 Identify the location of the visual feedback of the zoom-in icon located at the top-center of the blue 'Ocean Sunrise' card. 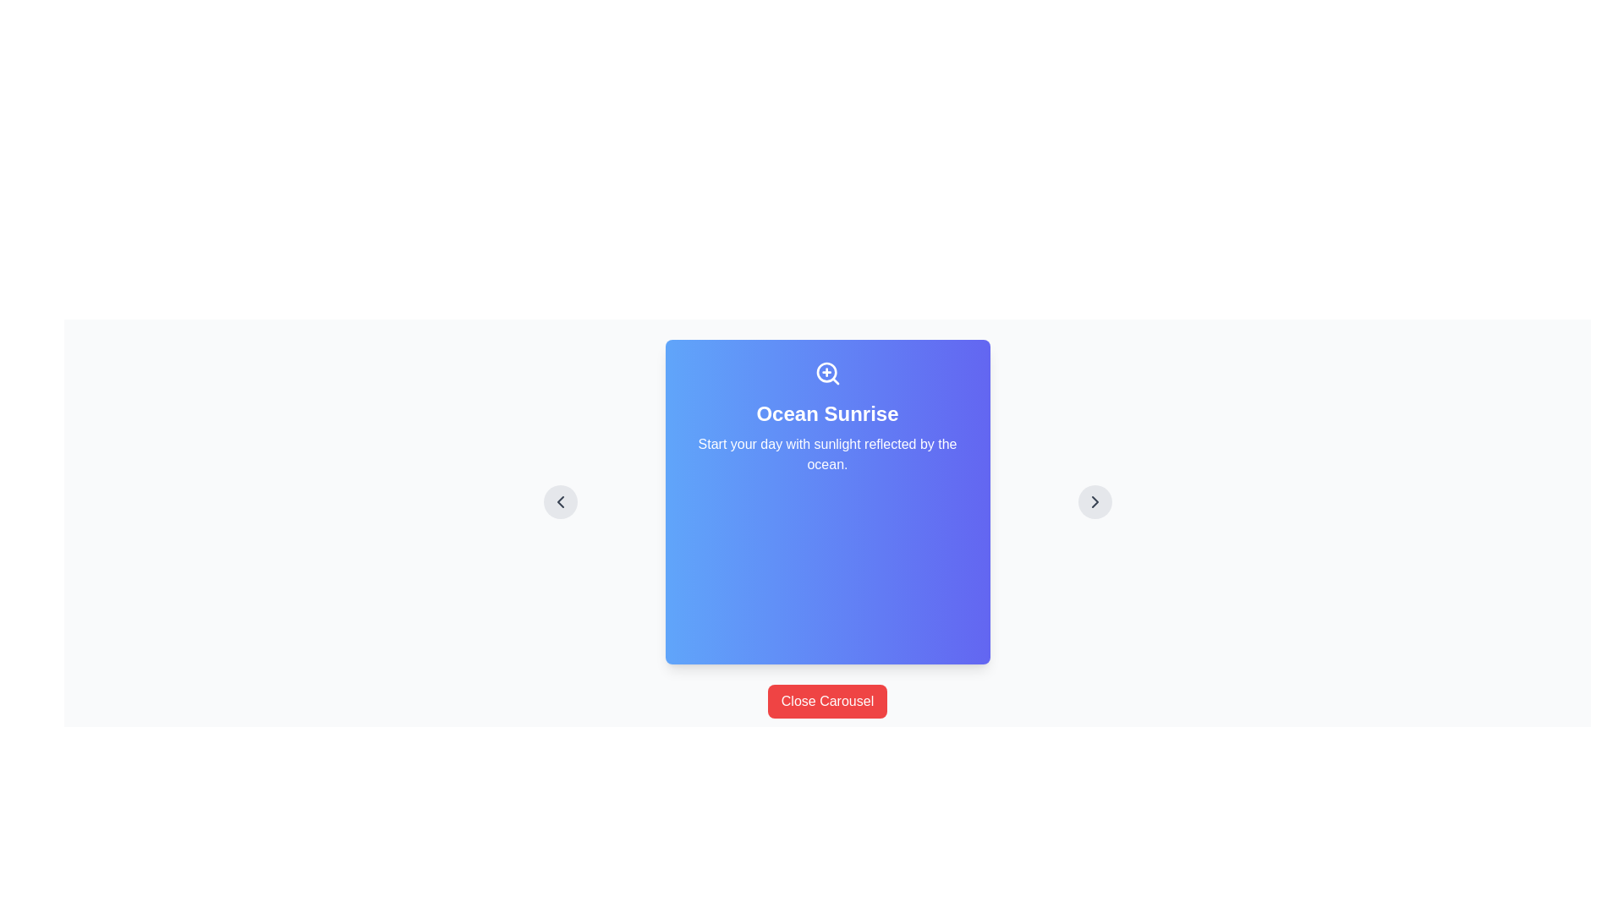
(827, 373).